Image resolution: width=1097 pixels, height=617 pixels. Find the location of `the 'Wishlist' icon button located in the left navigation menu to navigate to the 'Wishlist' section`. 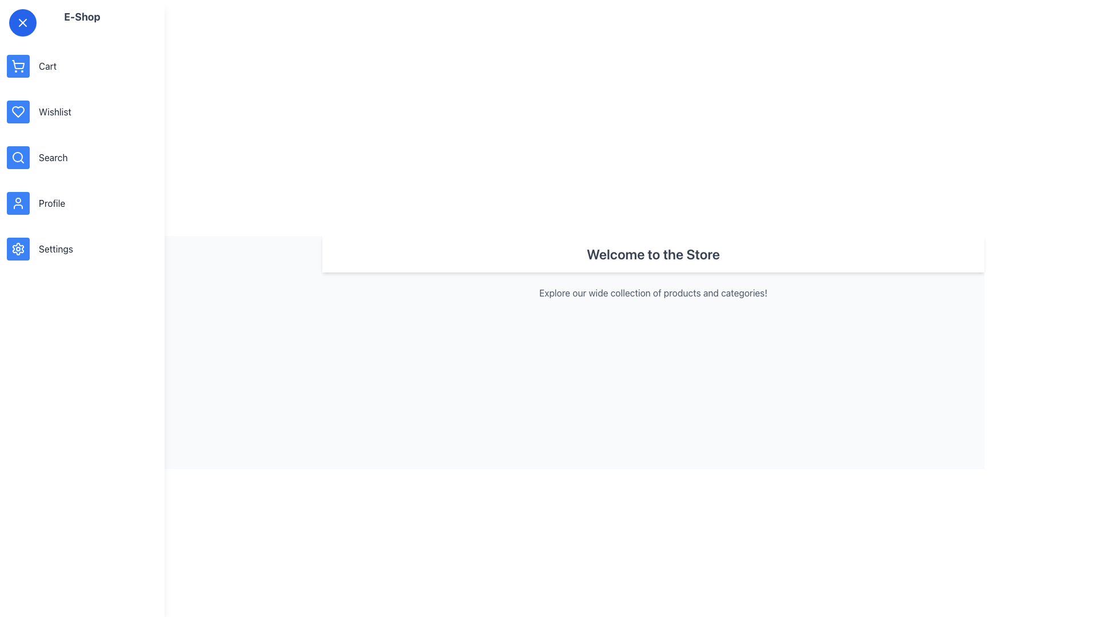

the 'Wishlist' icon button located in the left navigation menu to navigate to the 'Wishlist' section is located at coordinates (18, 112).